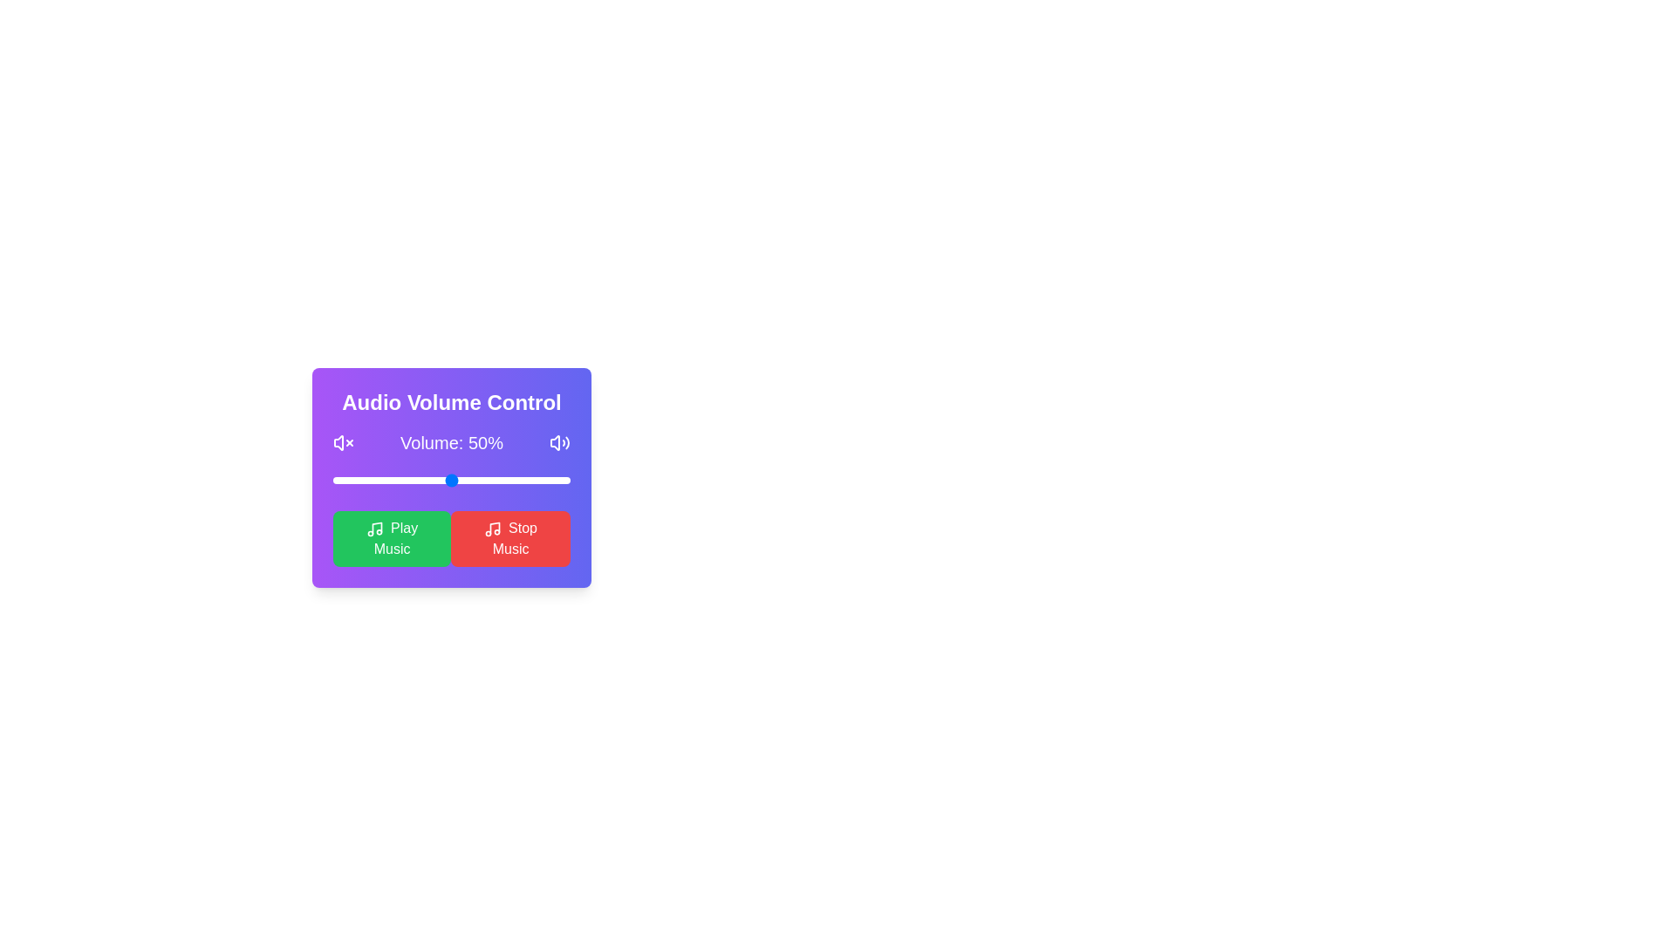 The width and height of the screenshot is (1675, 942). Describe the element at coordinates (338, 442) in the screenshot. I see `the left-facing speaker icon with sound waves in the audio control interface, which is located to the left of the 'Volume: 50%' text` at that location.